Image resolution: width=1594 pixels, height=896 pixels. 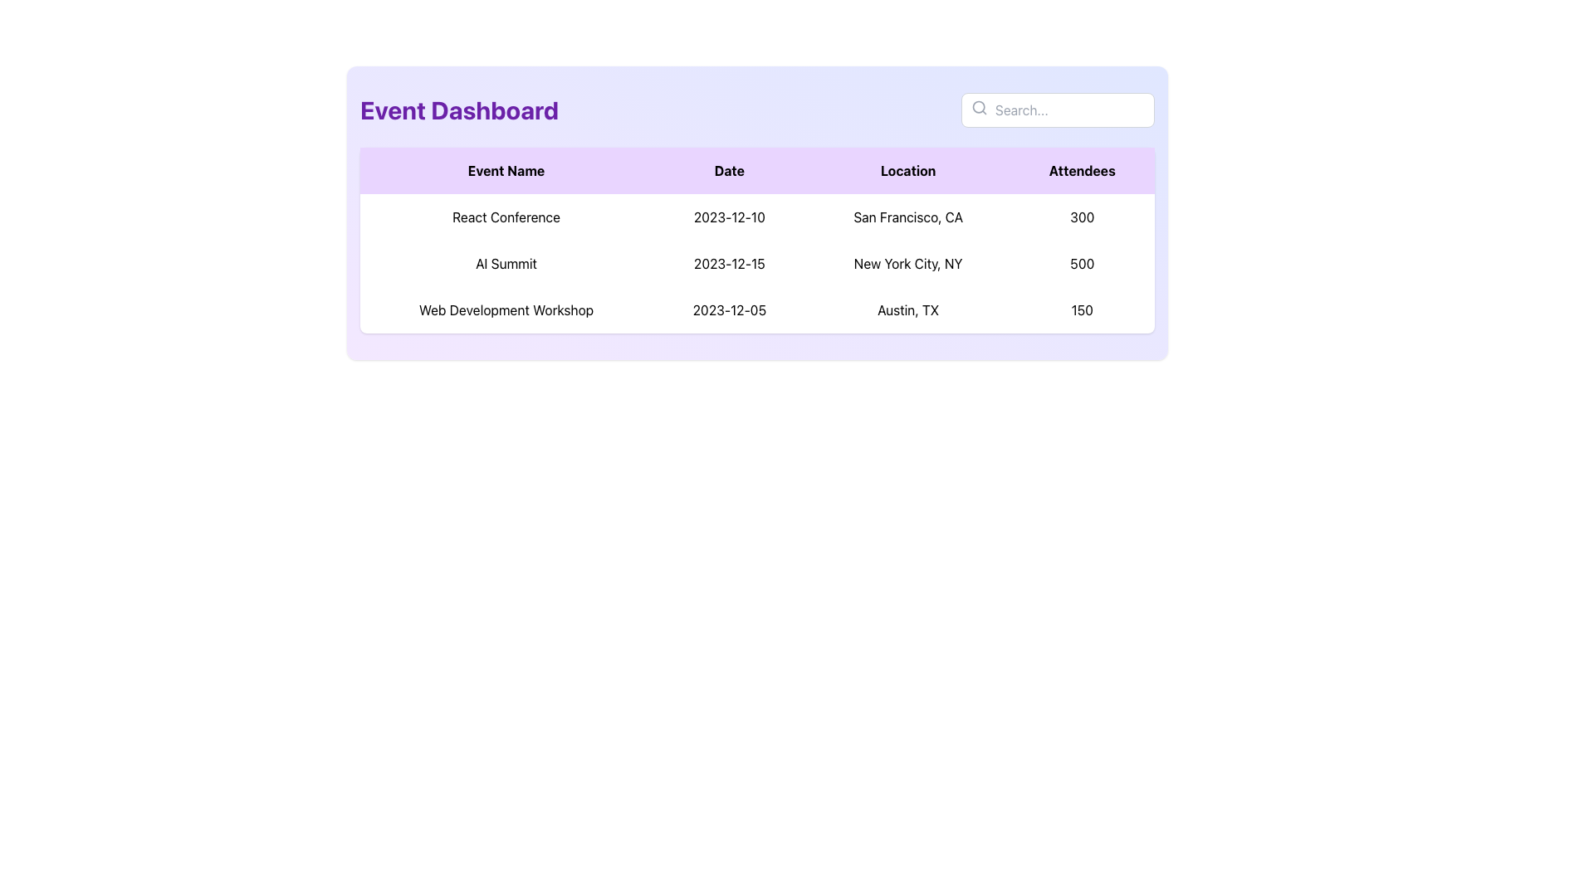 What do you see at coordinates (729, 262) in the screenshot?
I see `date '2023-12-15' displayed in black text within the second cell of the 'Date' column in the table on the 'Event Dashboard'` at bounding box center [729, 262].